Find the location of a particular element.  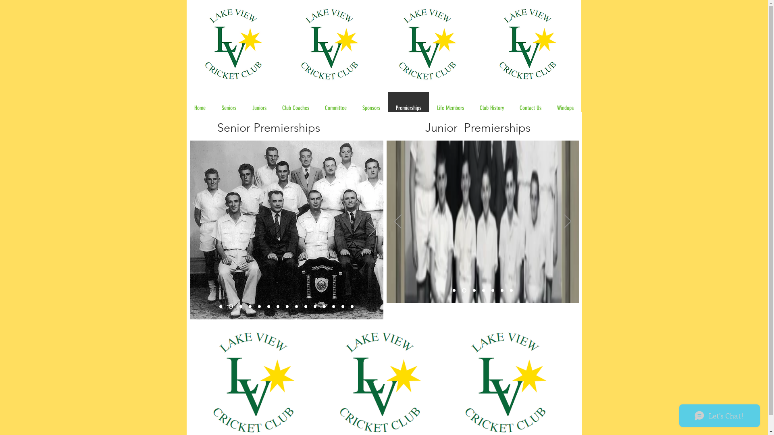

'Life Members' is located at coordinates (450, 108).